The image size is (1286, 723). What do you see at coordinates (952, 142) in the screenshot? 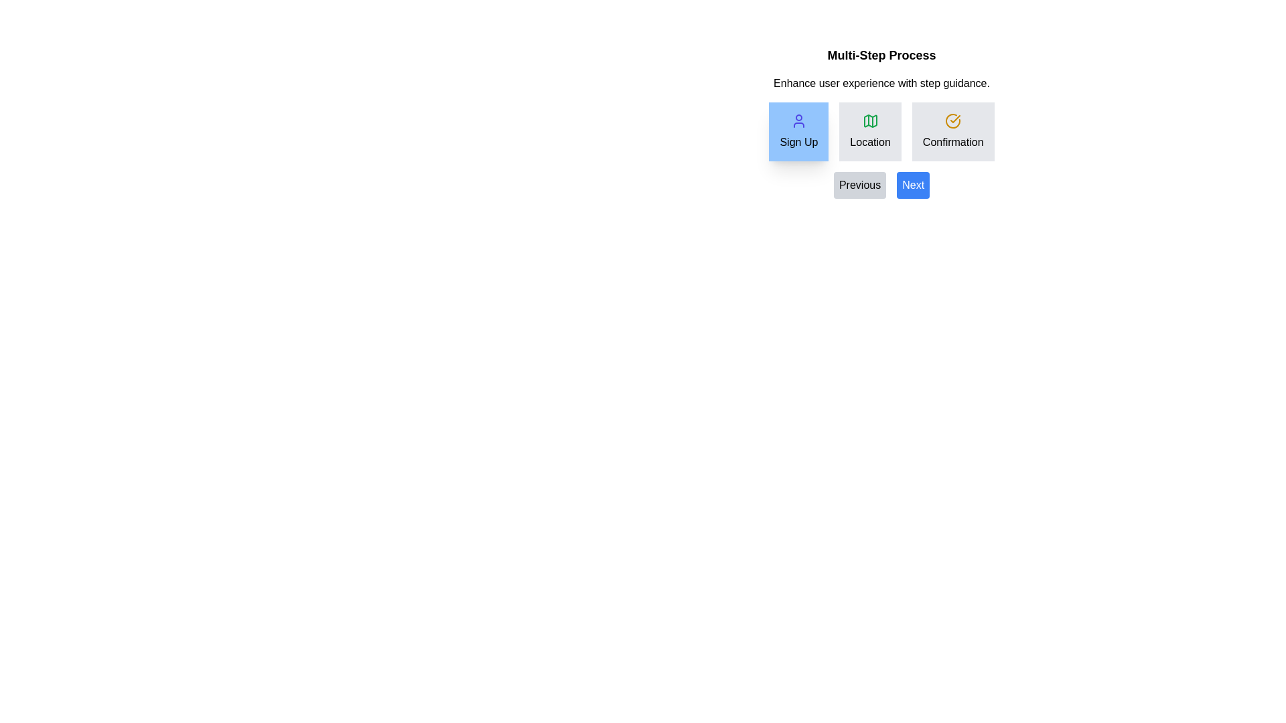
I see `the 'Confirmation' step text label located at the bottom center of the top-right corner of the UI, which indicates the current or next step in the multi-step process` at bounding box center [952, 142].